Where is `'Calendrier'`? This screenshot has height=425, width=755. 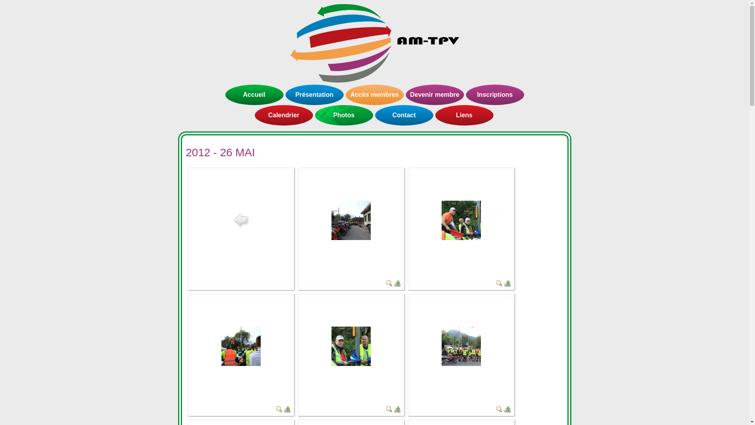
'Calendrier' is located at coordinates (283, 115).